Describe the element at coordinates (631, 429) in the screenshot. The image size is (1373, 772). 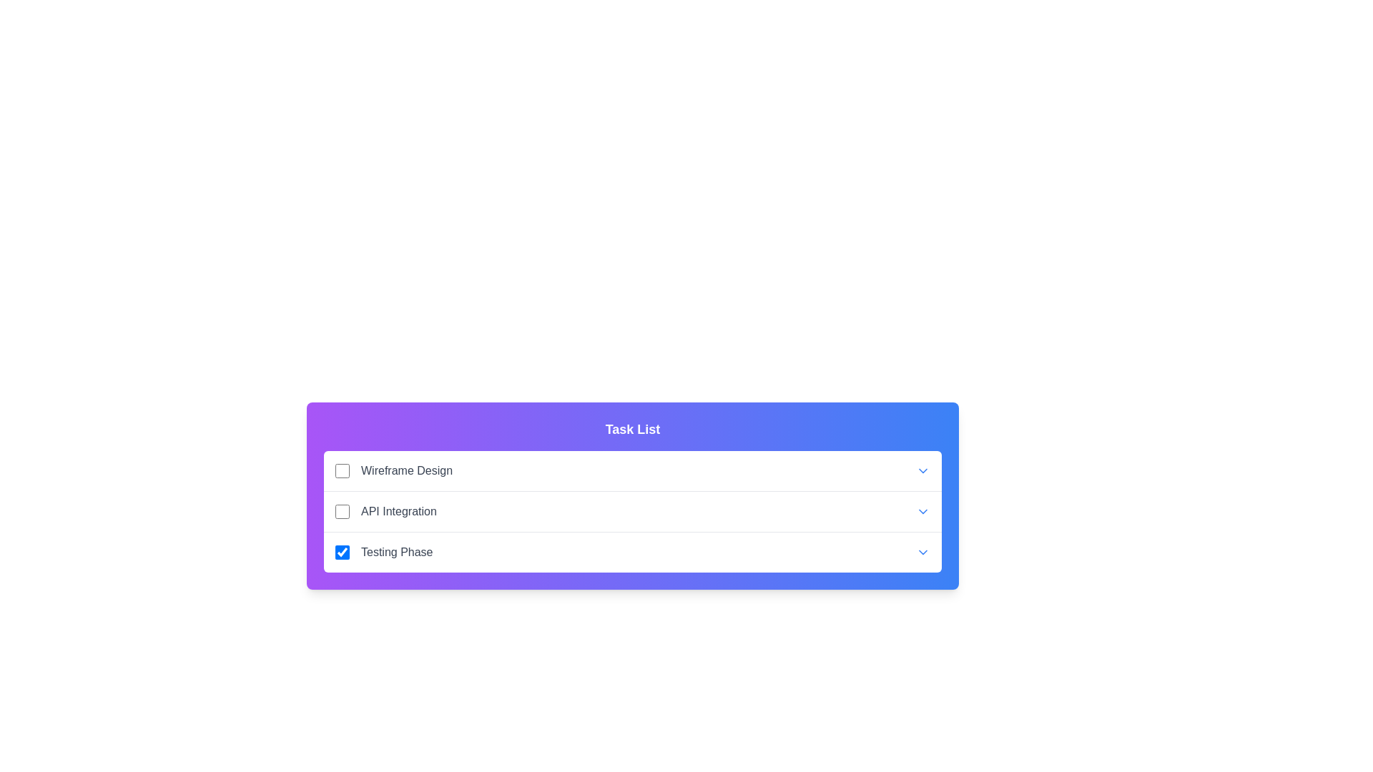
I see `the task list header` at that location.